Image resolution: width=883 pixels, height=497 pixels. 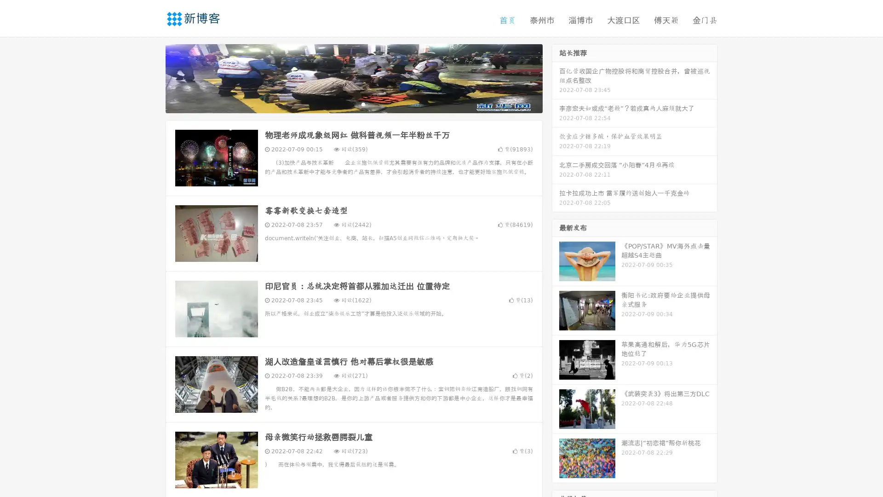 I want to click on Go to slide 2, so click(x=353, y=104).